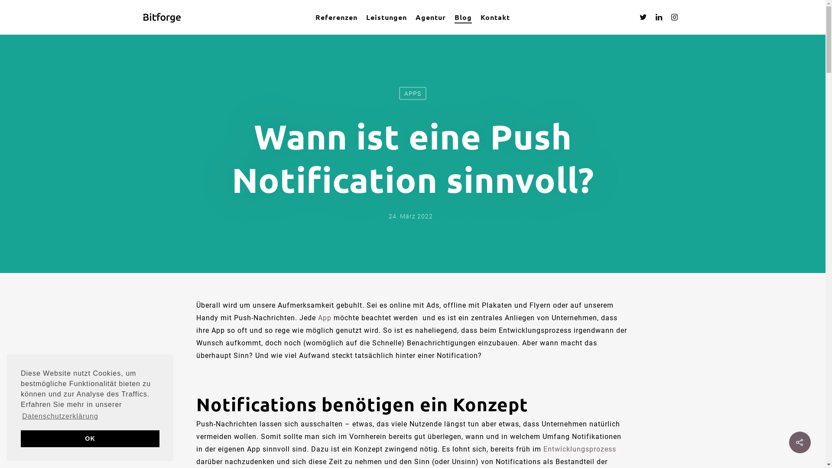  What do you see at coordinates (336, 17) in the screenshot?
I see `'Referenzen'` at bounding box center [336, 17].